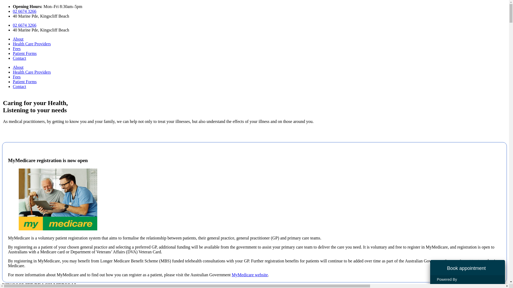  I want to click on 'Fees', so click(17, 49).